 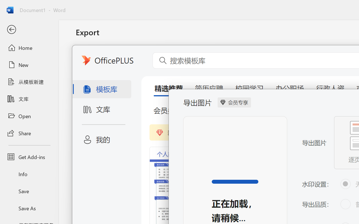 What do you see at coordinates (29, 208) in the screenshot?
I see `'Save As'` at bounding box center [29, 208].